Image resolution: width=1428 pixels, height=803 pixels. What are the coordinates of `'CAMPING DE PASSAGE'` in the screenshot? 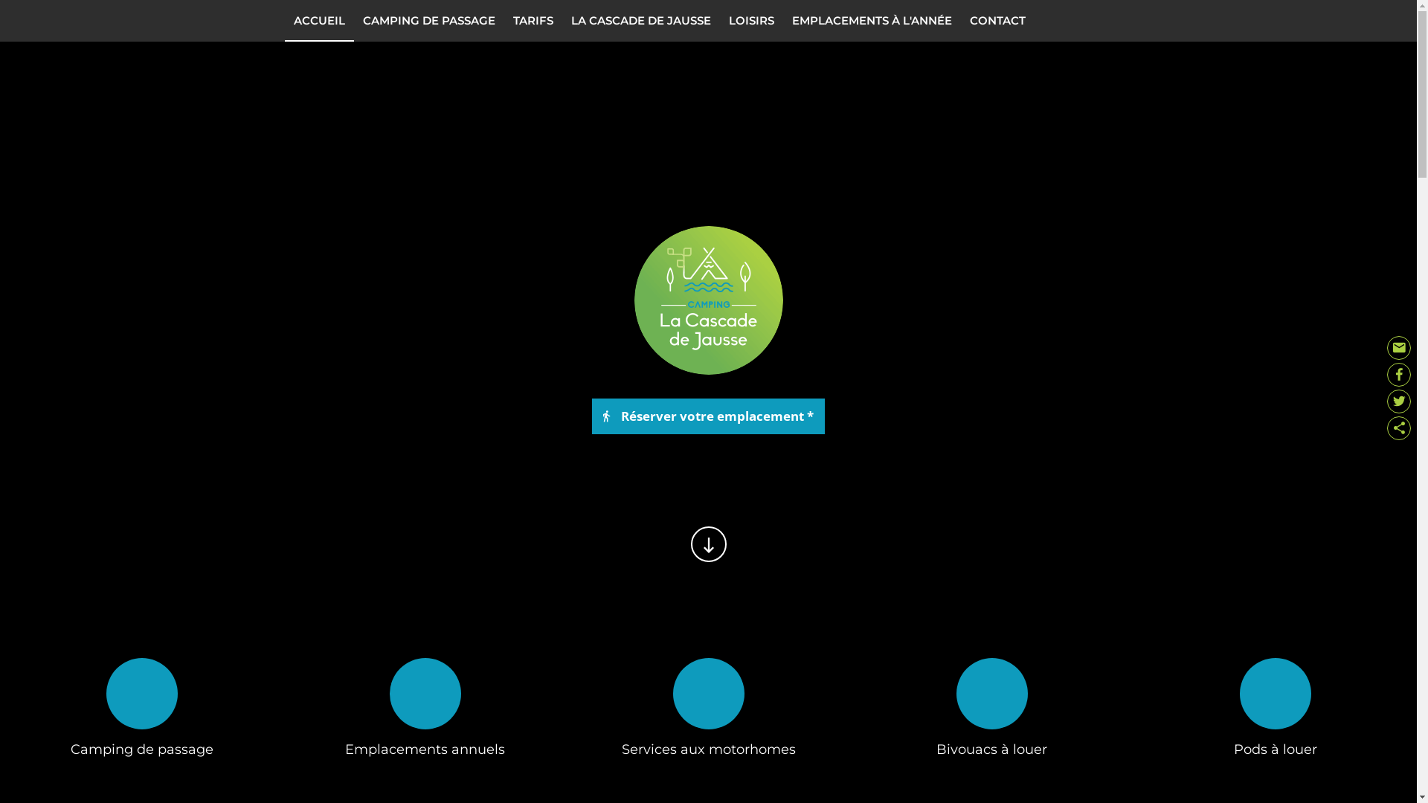 It's located at (353, 20).